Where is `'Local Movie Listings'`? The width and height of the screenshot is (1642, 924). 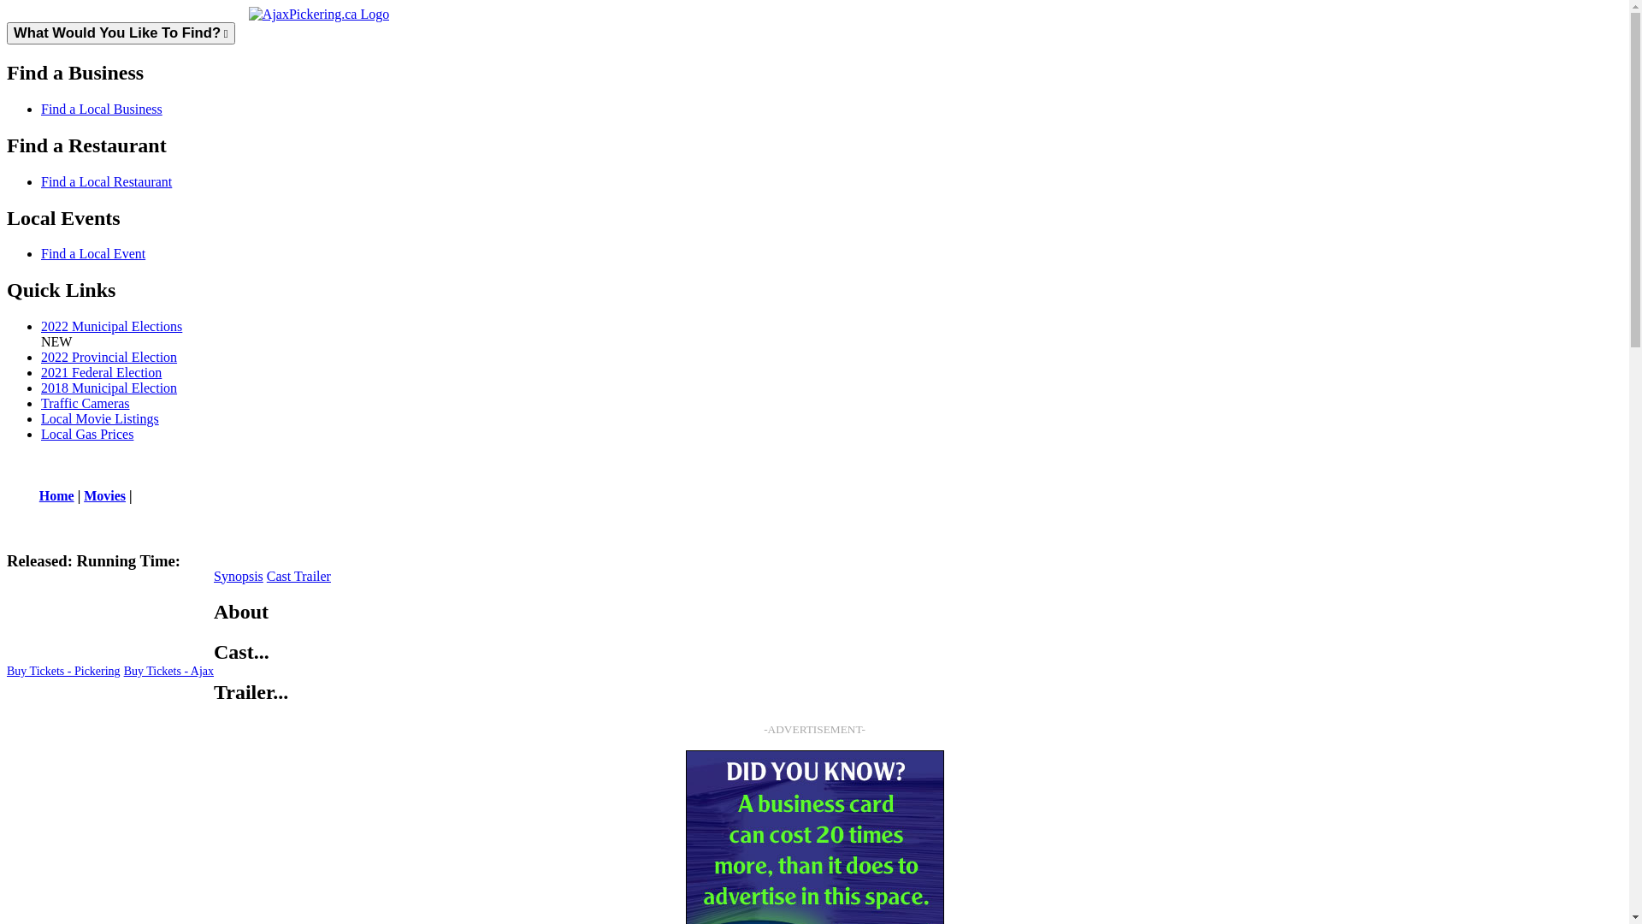
'Local Movie Listings' is located at coordinates (98, 418).